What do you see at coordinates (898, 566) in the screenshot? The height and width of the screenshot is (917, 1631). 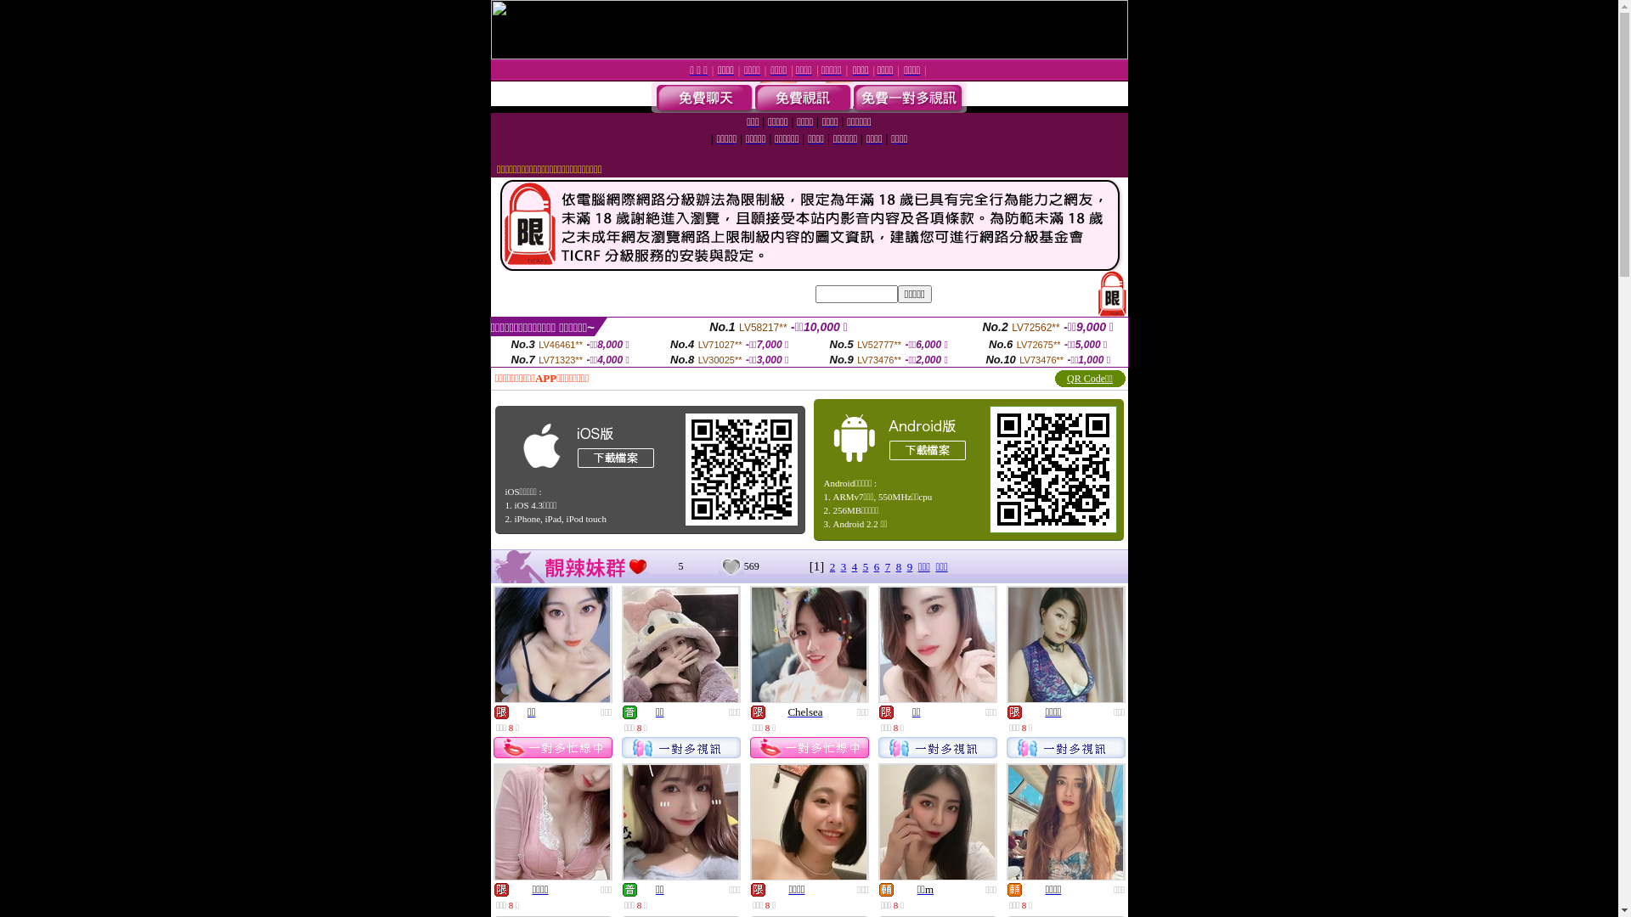 I see `'8'` at bounding box center [898, 566].